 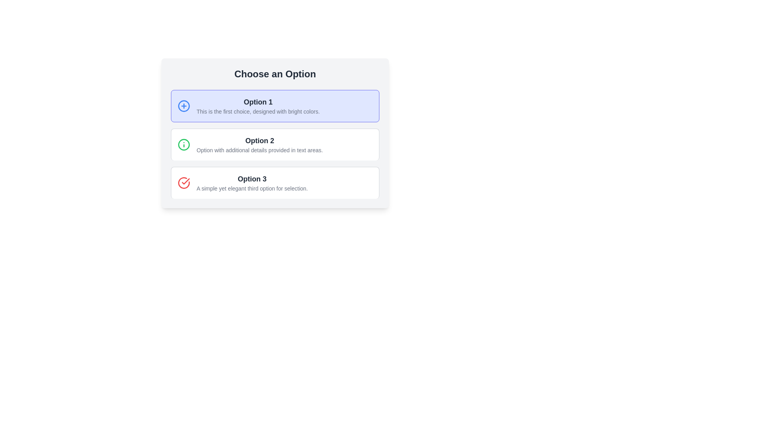 What do you see at coordinates (275, 106) in the screenshot?
I see `the first option card labeled 'Option 1' in the list by clicking on it` at bounding box center [275, 106].